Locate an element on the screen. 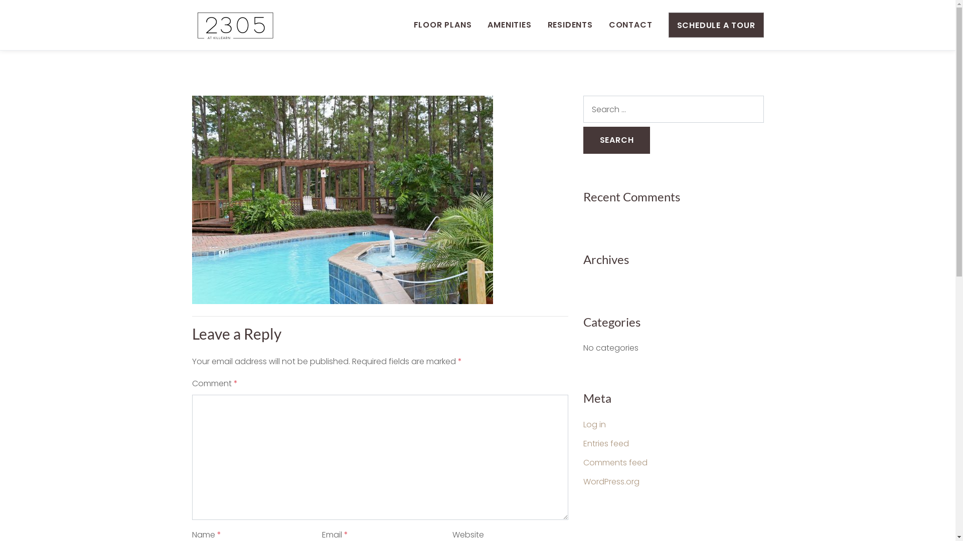 The height and width of the screenshot is (541, 963). 'Log in' is located at coordinates (594, 424).